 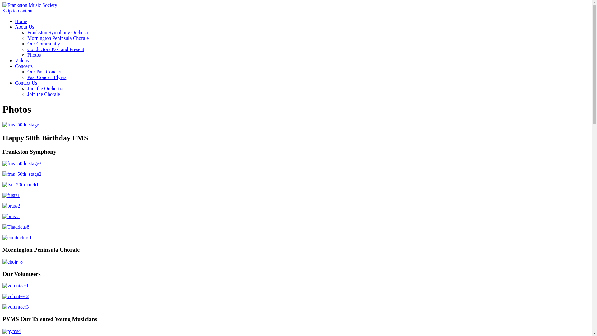 I want to click on 'Concerts', so click(x=24, y=66).